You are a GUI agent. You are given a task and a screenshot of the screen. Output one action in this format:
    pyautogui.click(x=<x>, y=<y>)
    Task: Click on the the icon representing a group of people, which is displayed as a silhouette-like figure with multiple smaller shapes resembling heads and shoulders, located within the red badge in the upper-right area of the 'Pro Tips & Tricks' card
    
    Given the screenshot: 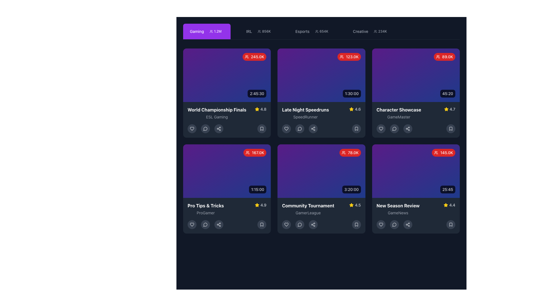 What is the action you would take?
    pyautogui.click(x=247, y=152)
    